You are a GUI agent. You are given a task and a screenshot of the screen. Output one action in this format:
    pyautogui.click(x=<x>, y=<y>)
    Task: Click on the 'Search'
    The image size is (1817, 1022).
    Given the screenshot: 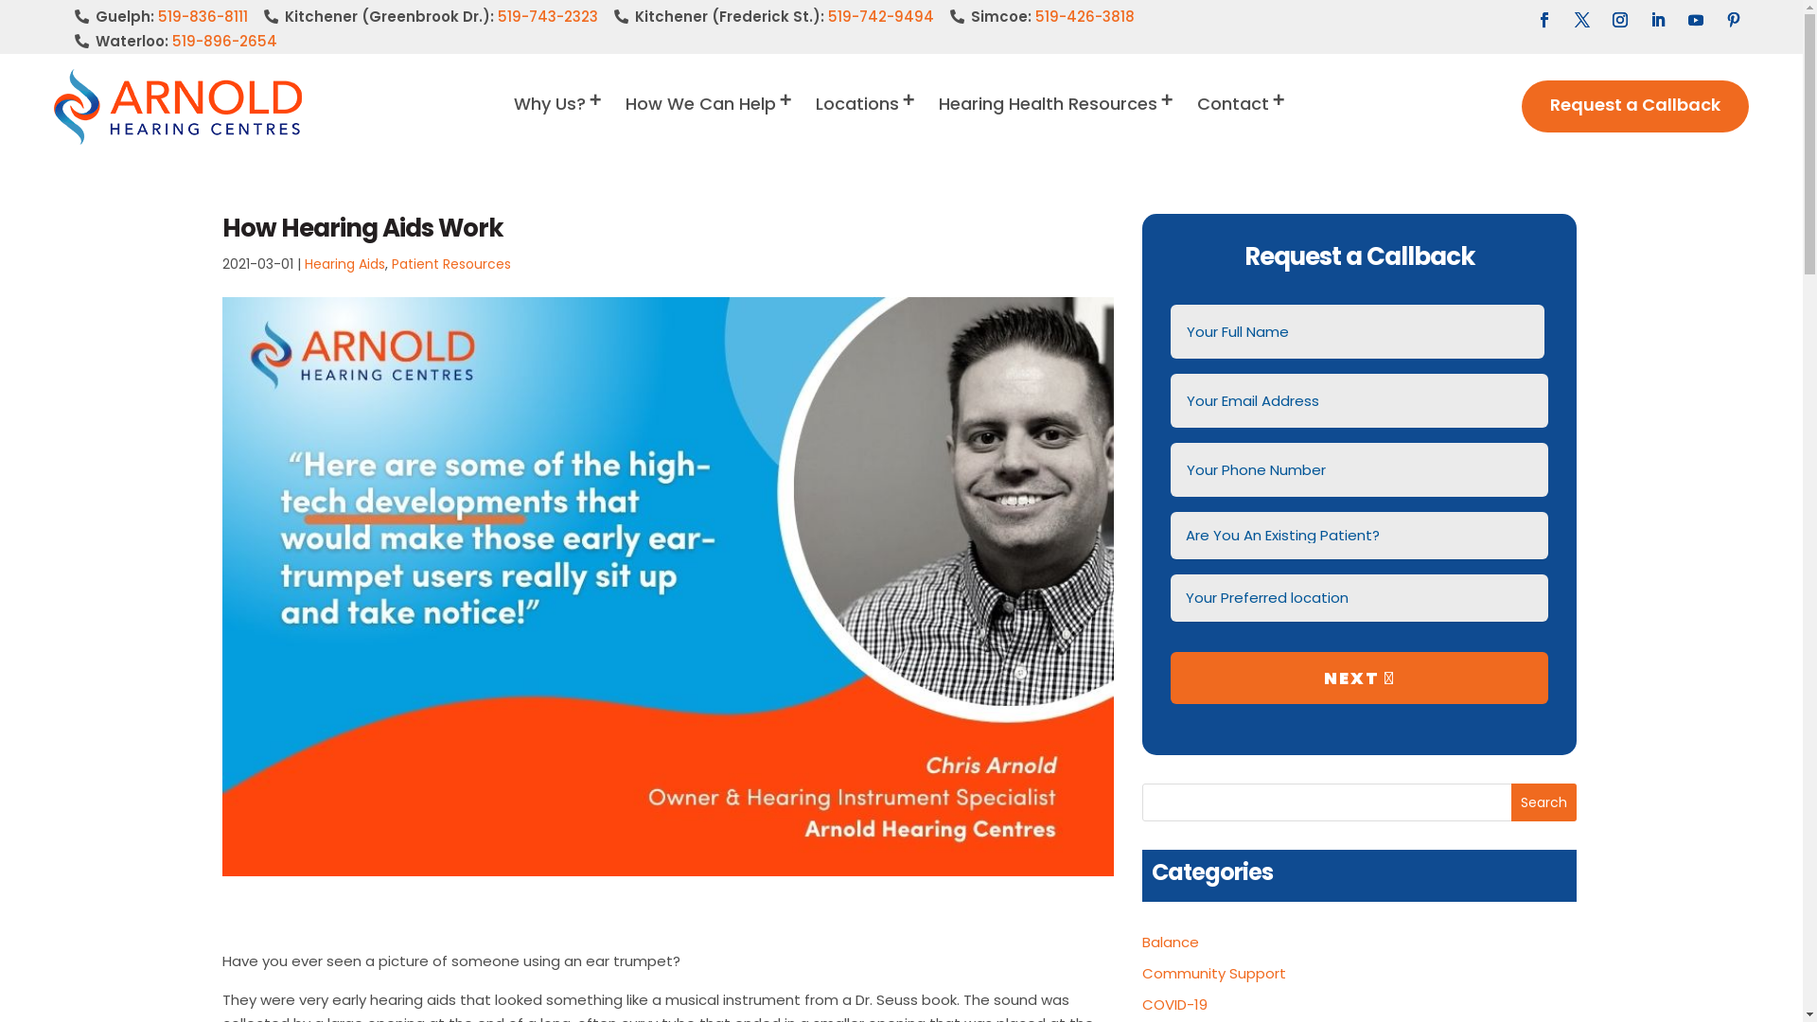 What is the action you would take?
    pyautogui.click(x=1544, y=802)
    